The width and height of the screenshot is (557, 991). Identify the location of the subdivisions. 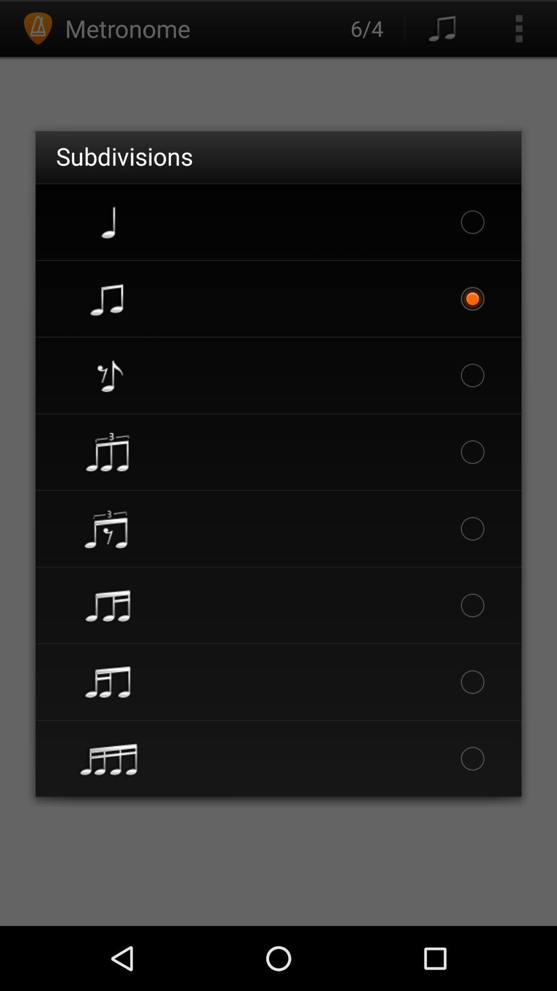
(124, 155).